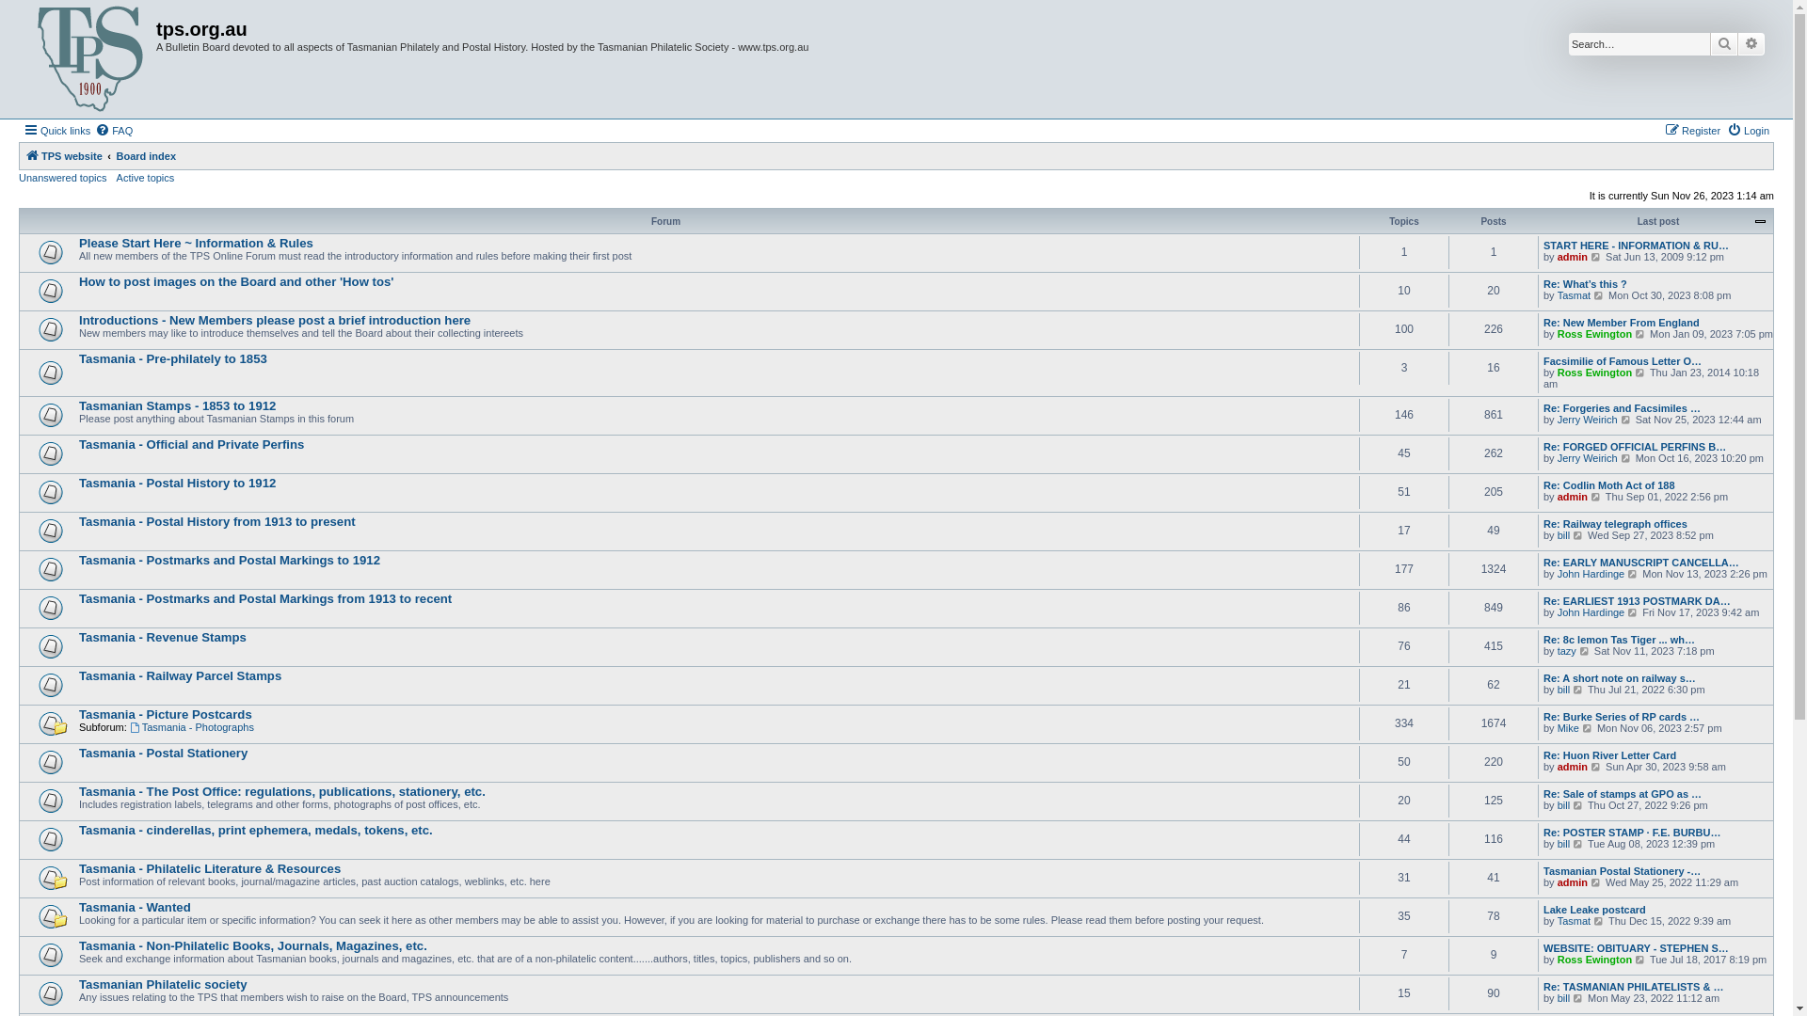 Image resolution: width=1807 pixels, height=1016 pixels. What do you see at coordinates (1567, 649) in the screenshot?
I see `'tazy'` at bounding box center [1567, 649].